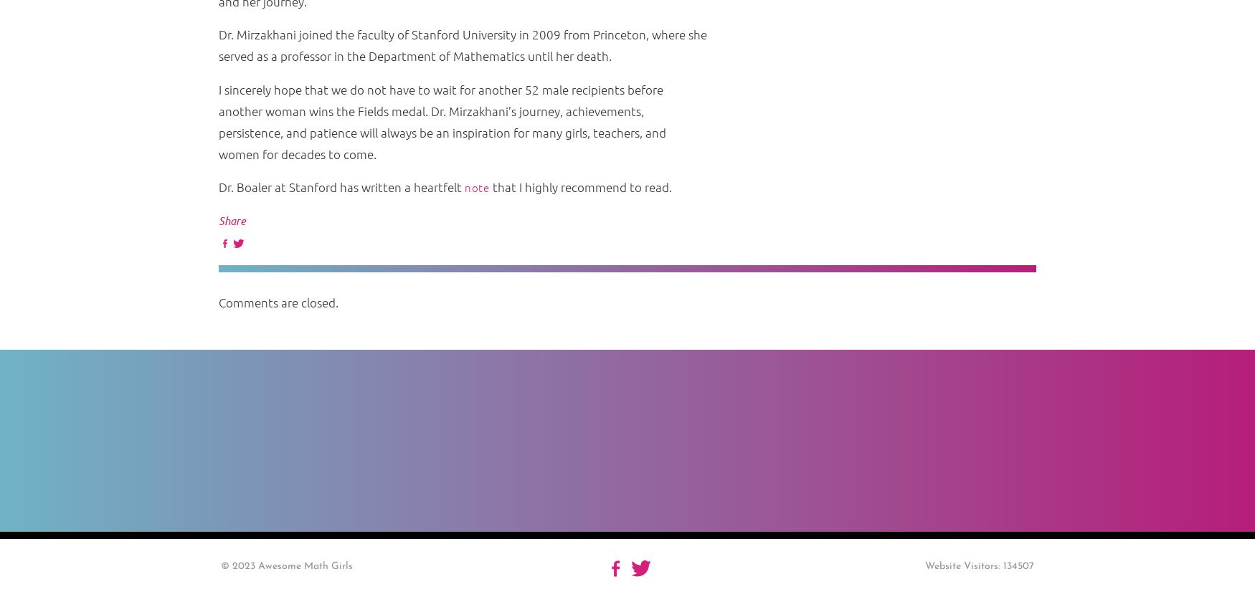 This screenshot has height=602, width=1255. I want to click on 'Dr. Boaler at Stanford has written a heartfelt', so click(341, 186).